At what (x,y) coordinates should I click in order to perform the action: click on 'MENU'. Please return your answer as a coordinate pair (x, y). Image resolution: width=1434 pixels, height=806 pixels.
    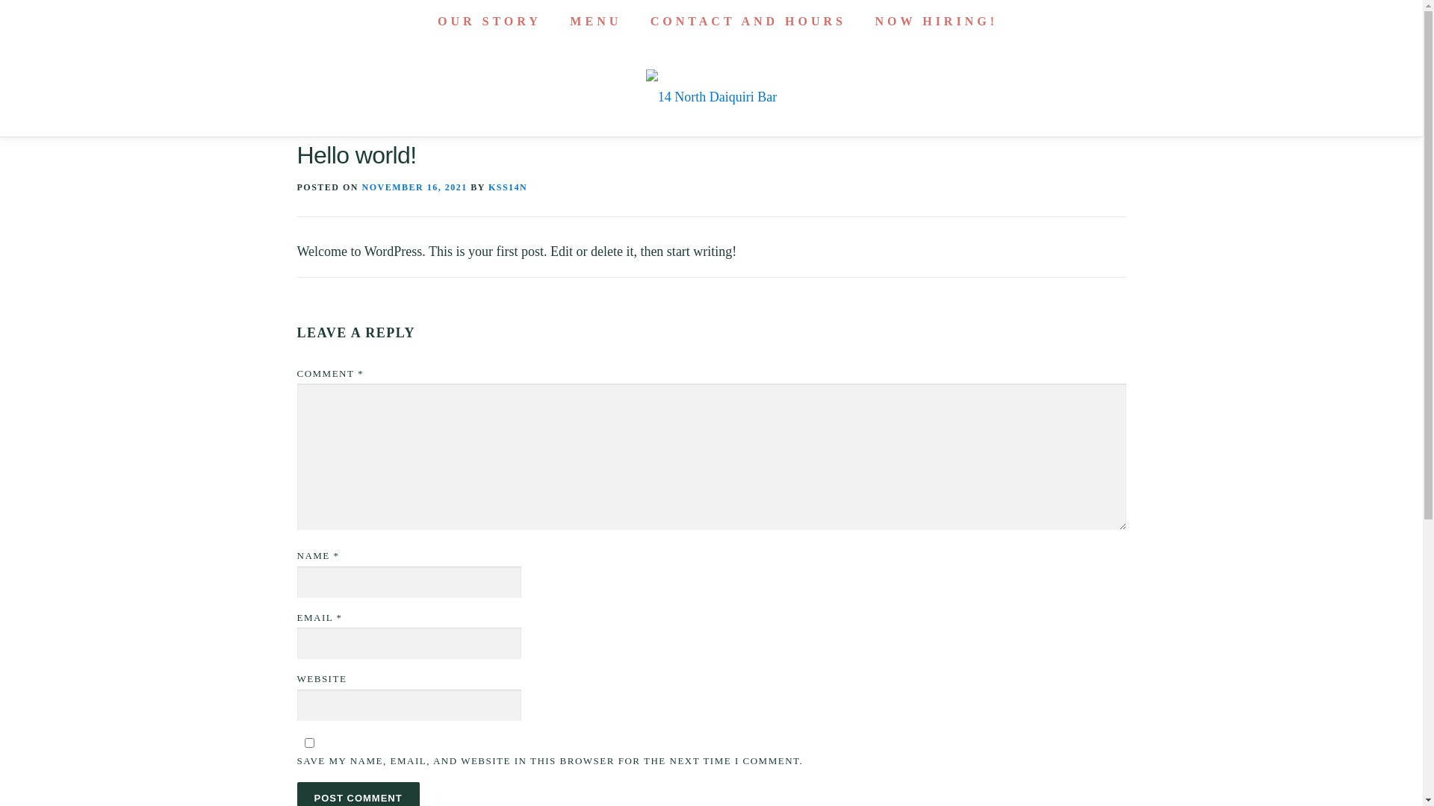
    Looking at the image, I should click on (595, 22).